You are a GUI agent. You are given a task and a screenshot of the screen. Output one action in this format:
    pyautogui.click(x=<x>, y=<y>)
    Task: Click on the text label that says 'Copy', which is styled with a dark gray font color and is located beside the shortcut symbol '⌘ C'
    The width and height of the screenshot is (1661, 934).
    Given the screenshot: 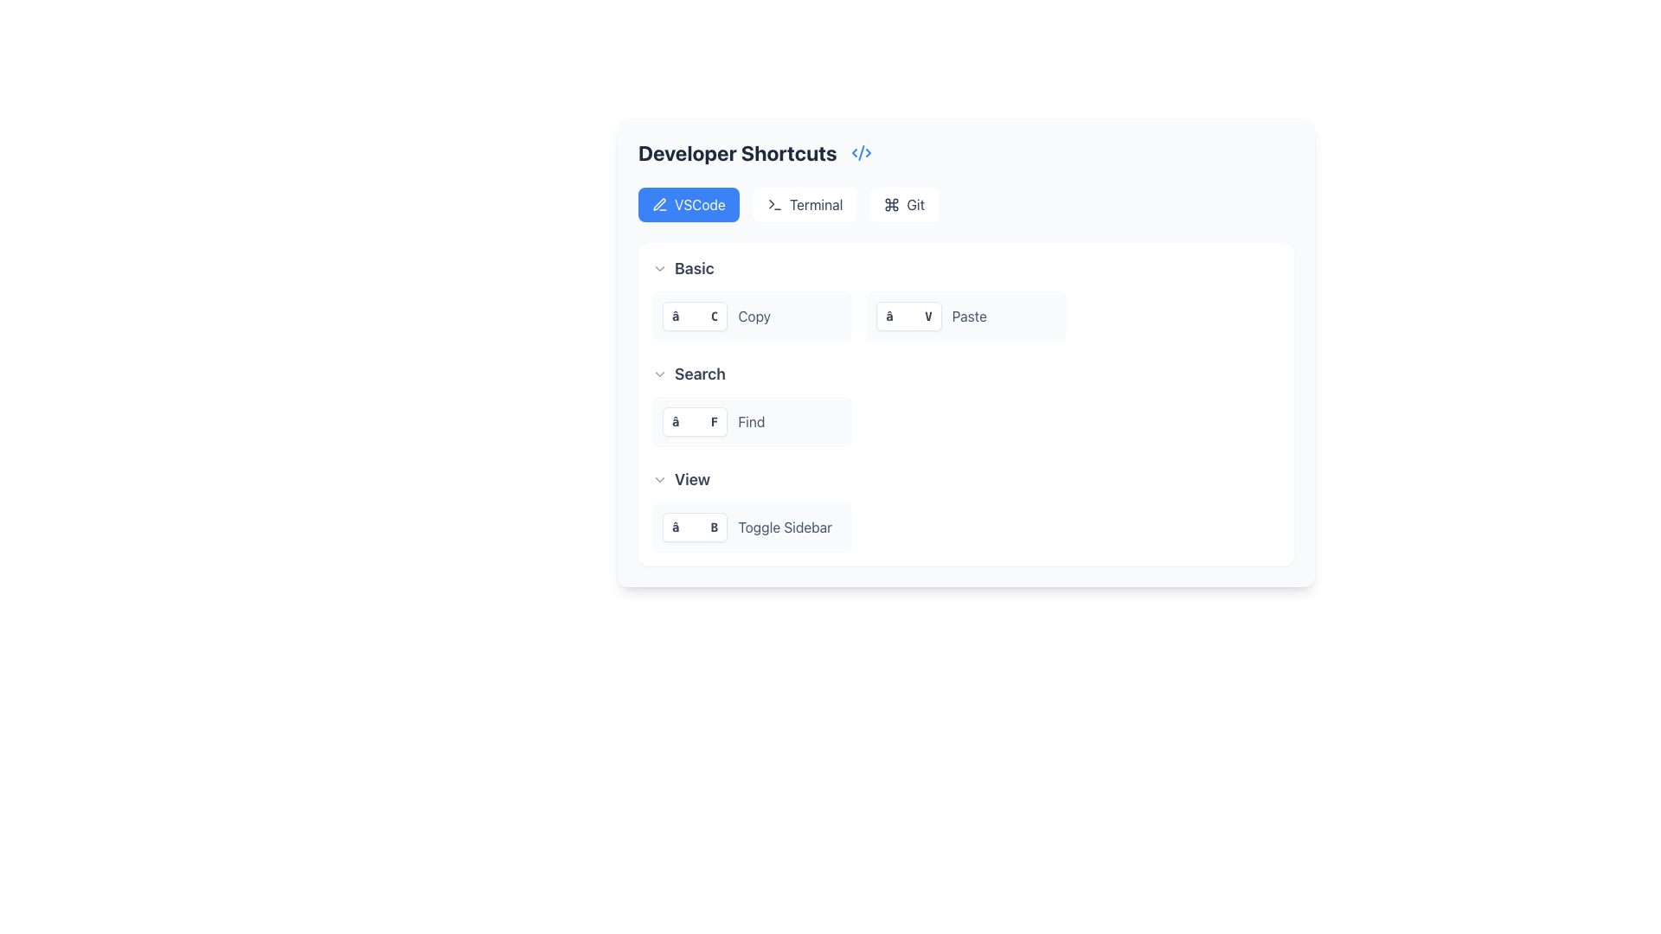 What is the action you would take?
    pyautogui.click(x=754, y=317)
    